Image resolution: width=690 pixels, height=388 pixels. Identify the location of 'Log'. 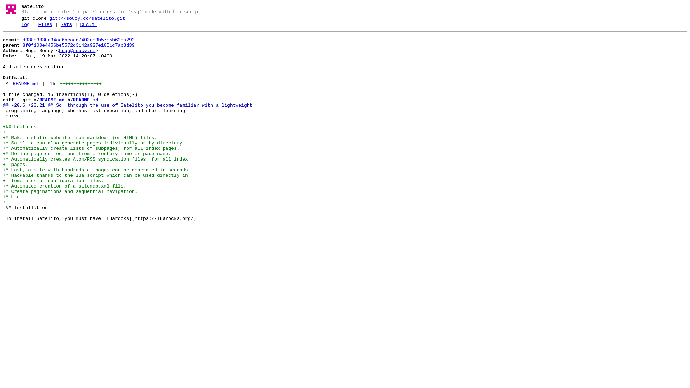
(26, 24).